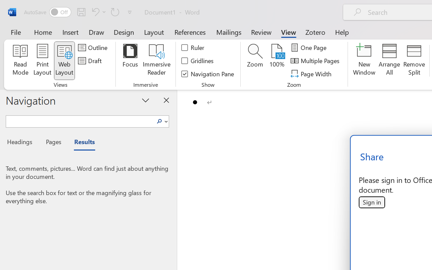  Describe the element at coordinates (208, 74) in the screenshot. I see `'Navigation Pane'` at that location.